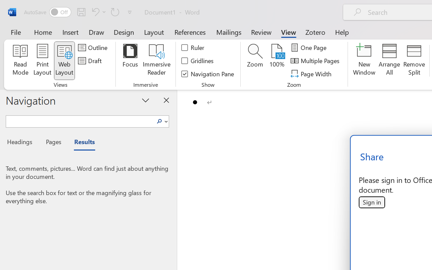  Describe the element at coordinates (208, 74) in the screenshot. I see `'Navigation Pane'` at that location.